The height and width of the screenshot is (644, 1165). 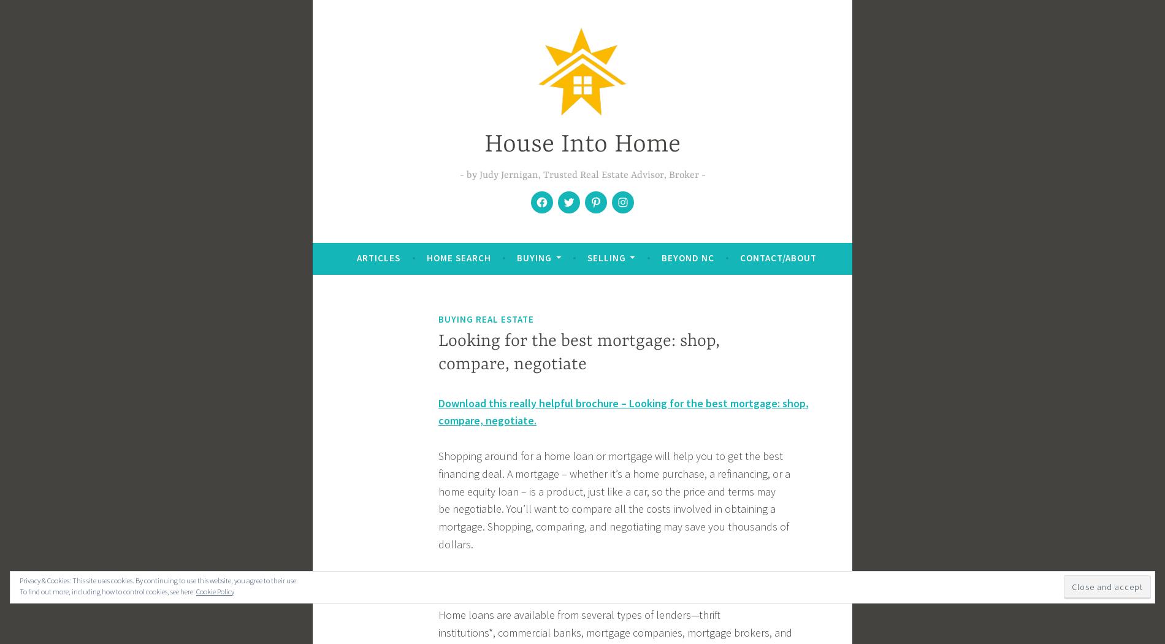 What do you see at coordinates (661, 256) in the screenshot?
I see `'Beyond NC'` at bounding box center [661, 256].